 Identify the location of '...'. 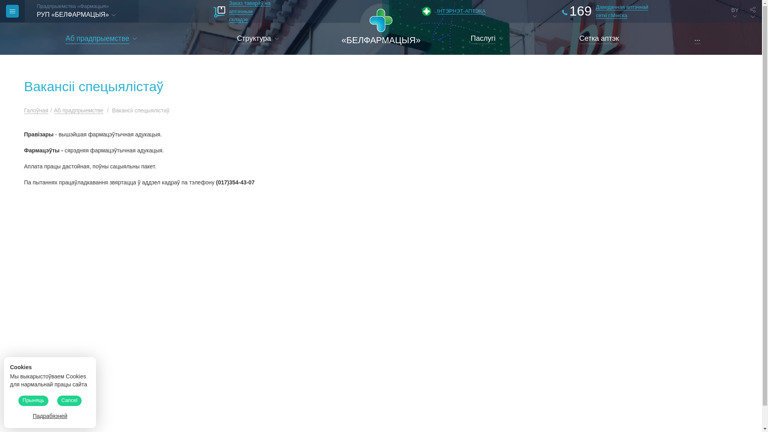
(697, 39).